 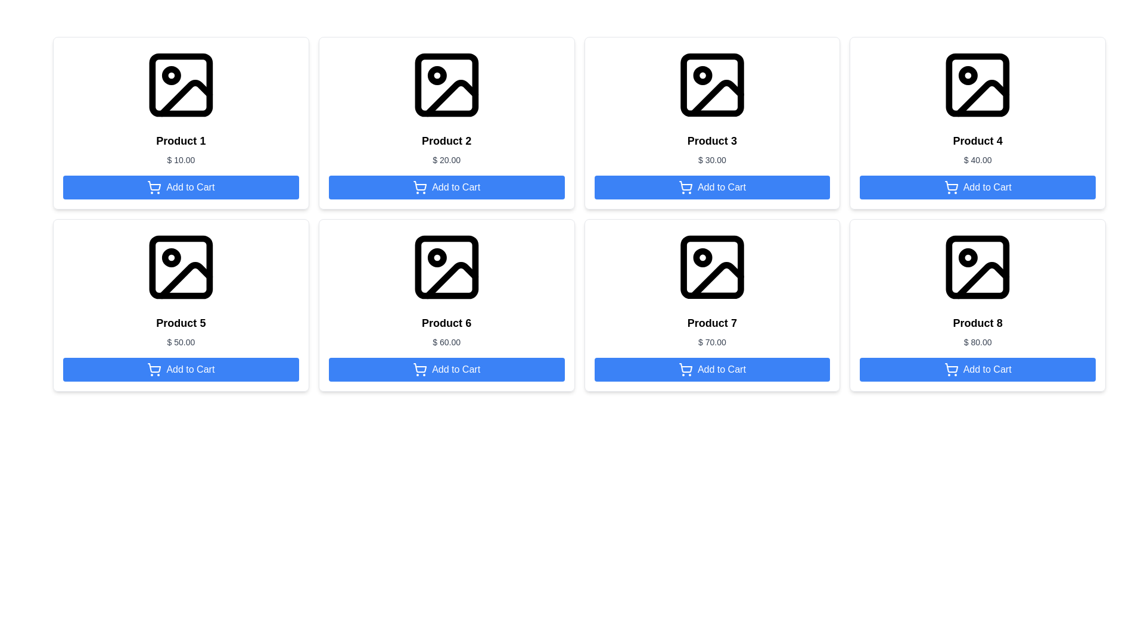 What do you see at coordinates (180, 84) in the screenshot?
I see `the small black rectangular frame element located inside the image icon of the first card labeled 'Product 1' in the grid layout` at bounding box center [180, 84].